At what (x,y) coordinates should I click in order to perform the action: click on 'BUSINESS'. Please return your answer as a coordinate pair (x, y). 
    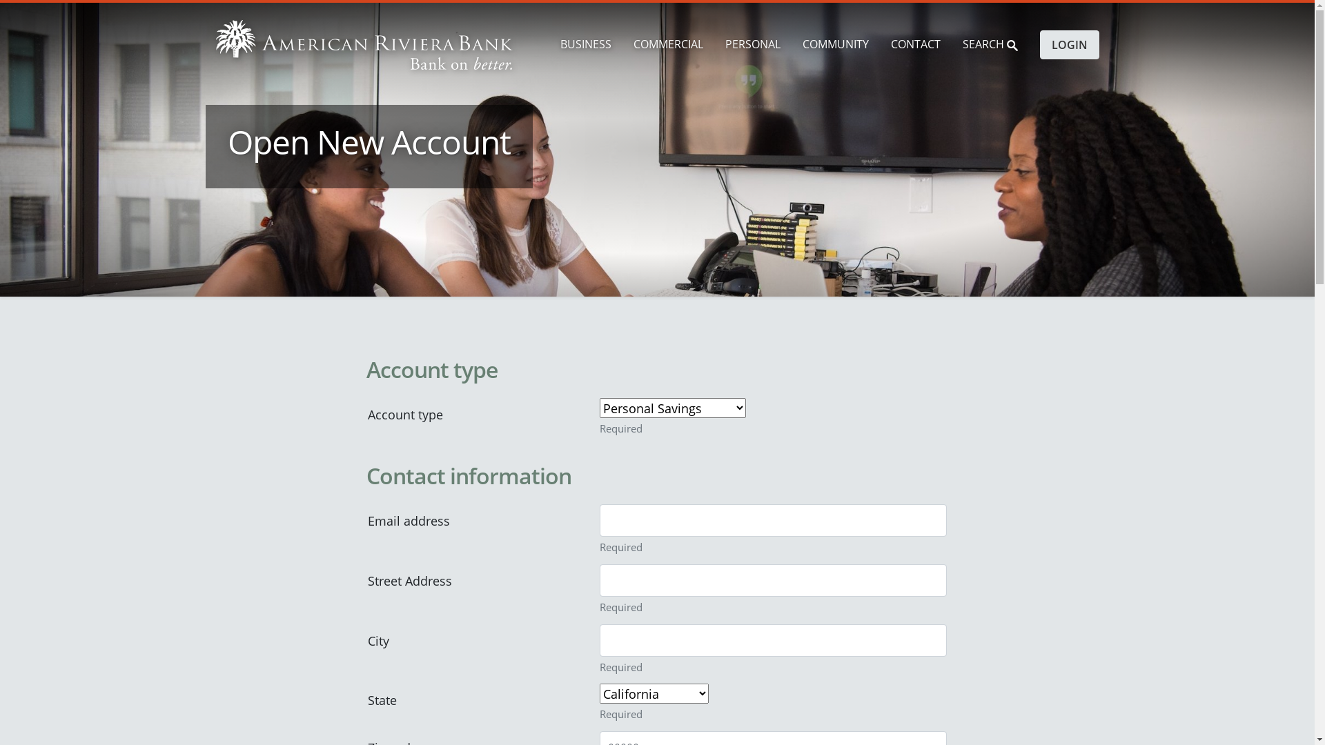
    Looking at the image, I should click on (586, 43).